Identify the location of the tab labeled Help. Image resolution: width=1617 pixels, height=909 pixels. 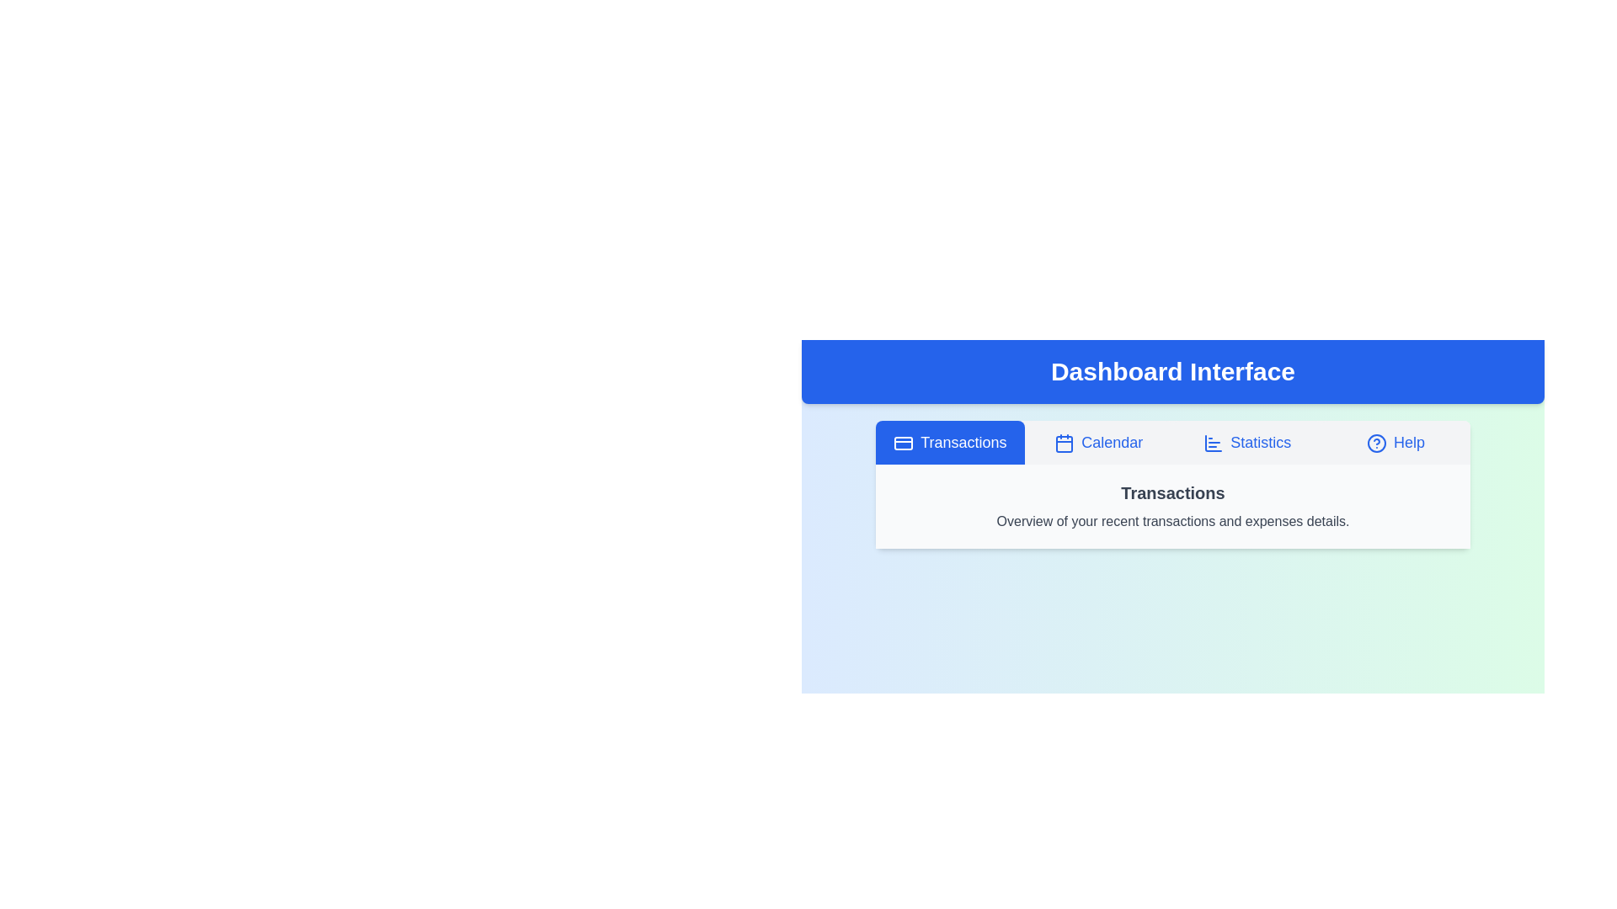
(1396, 441).